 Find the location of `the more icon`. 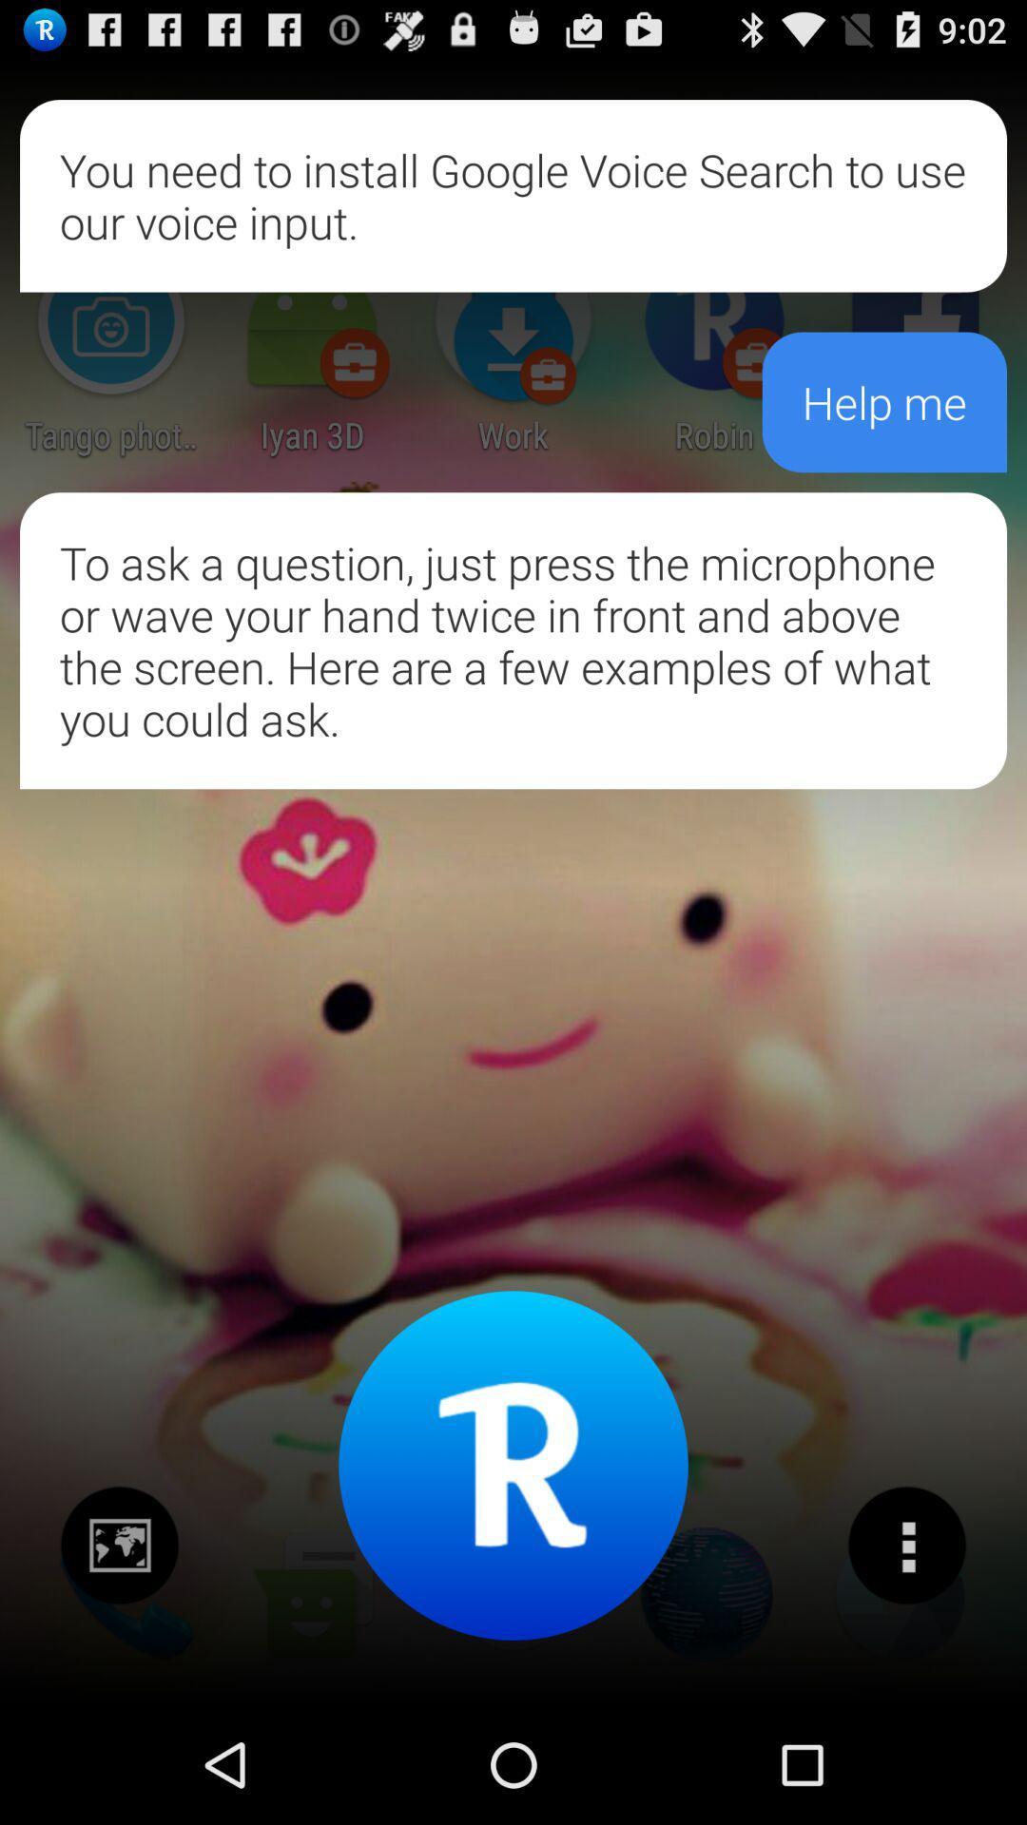

the more icon is located at coordinates (905, 1653).